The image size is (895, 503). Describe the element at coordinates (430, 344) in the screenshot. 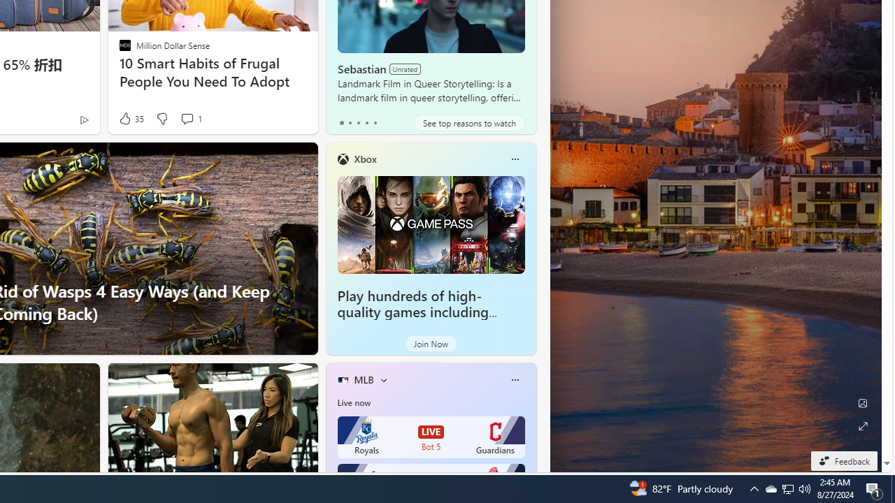

I see `'Join Now'` at that location.